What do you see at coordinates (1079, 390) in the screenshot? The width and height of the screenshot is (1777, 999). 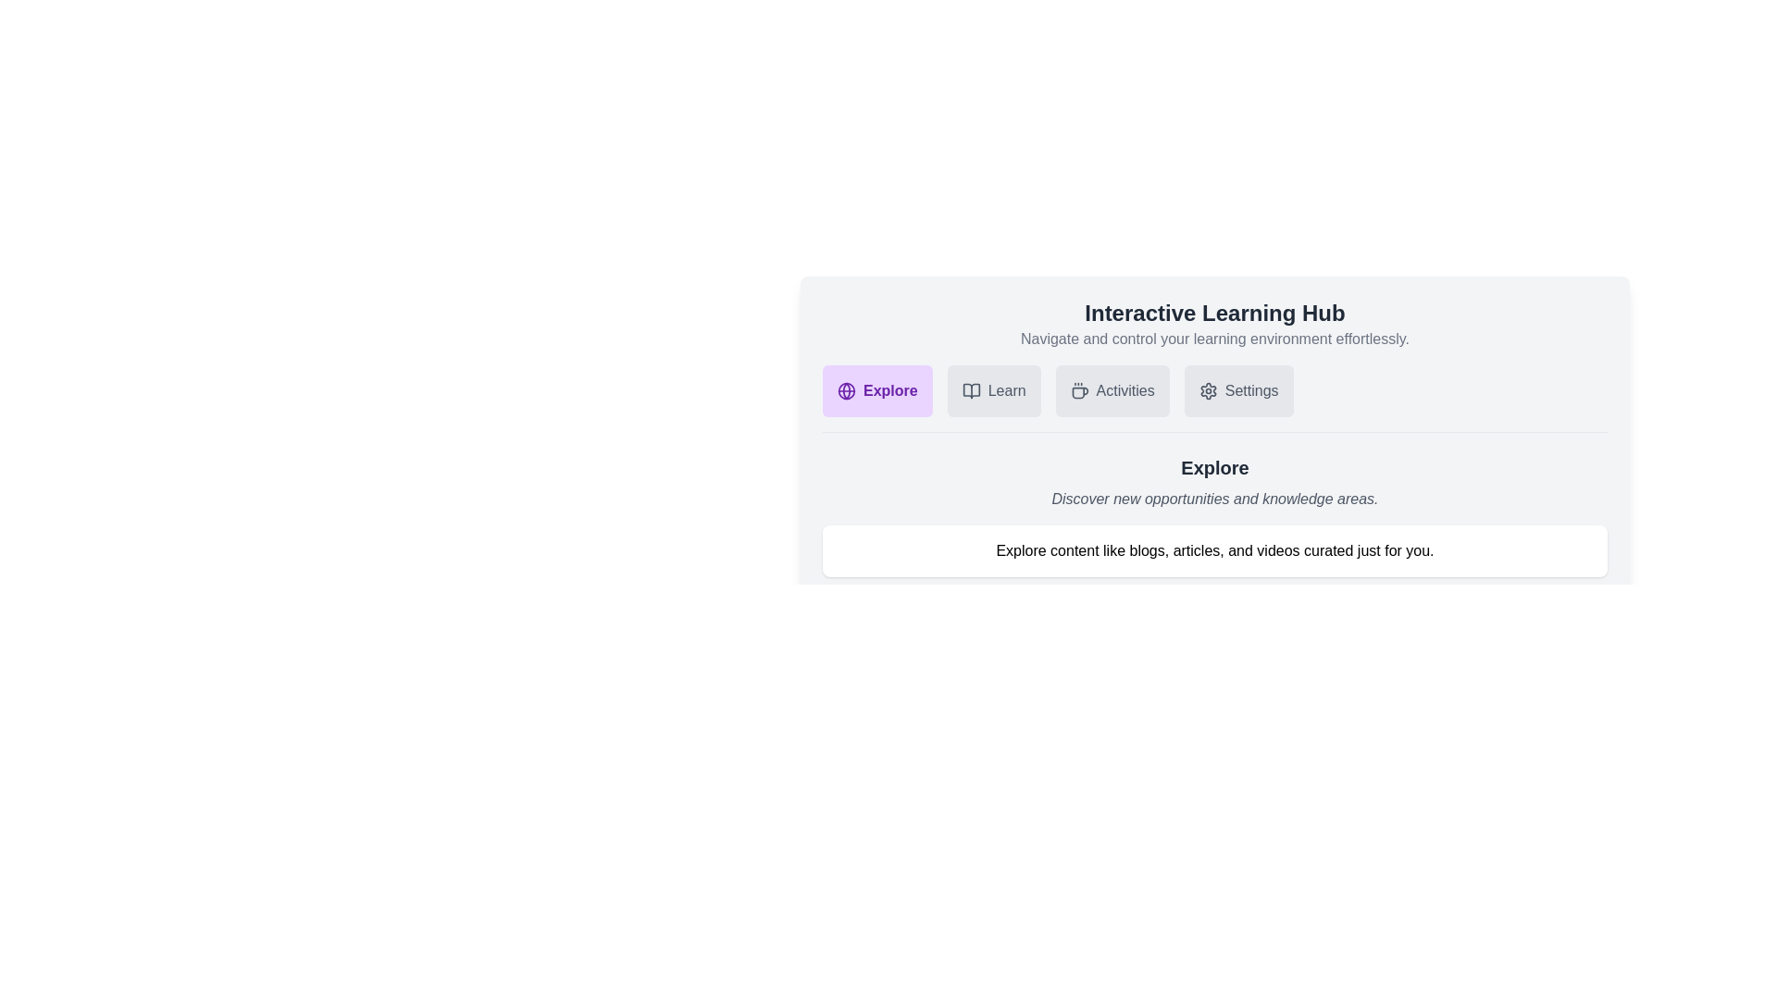 I see `the 'Activities' button which contains a coffee cup icon on its left side` at bounding box center [1079, 390].